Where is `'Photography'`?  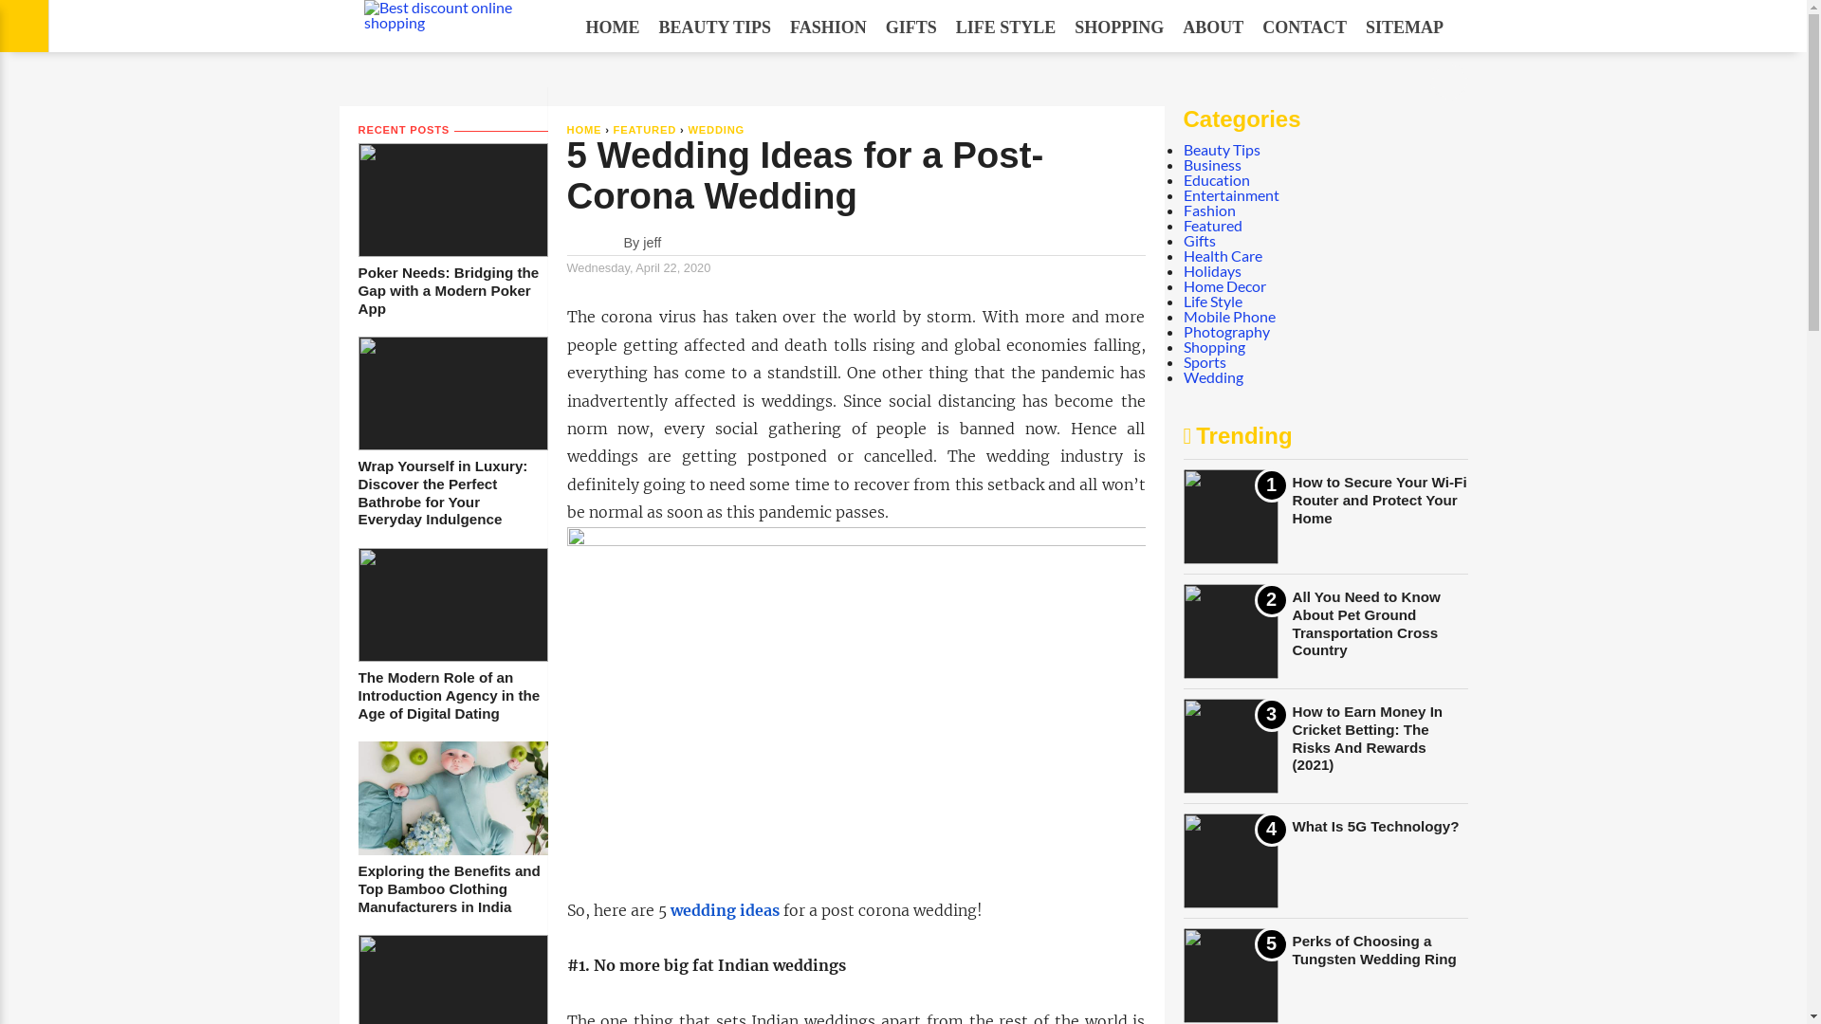
'Photography' is located at coordinates (1226, 330).